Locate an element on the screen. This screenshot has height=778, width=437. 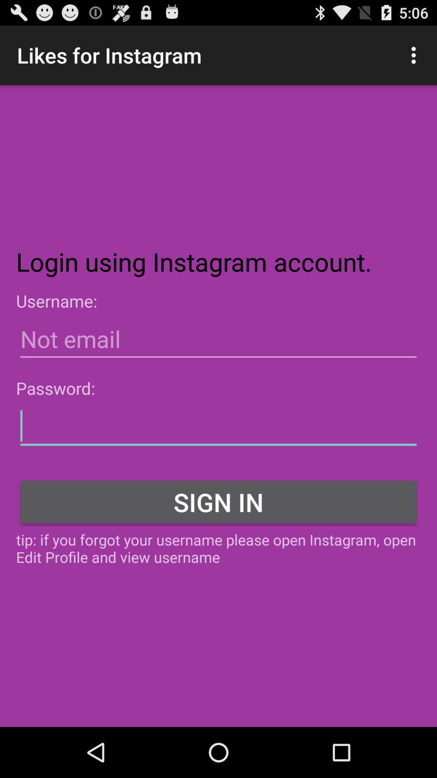
item next to likes for instagram item is located at coordinates (416, 55).